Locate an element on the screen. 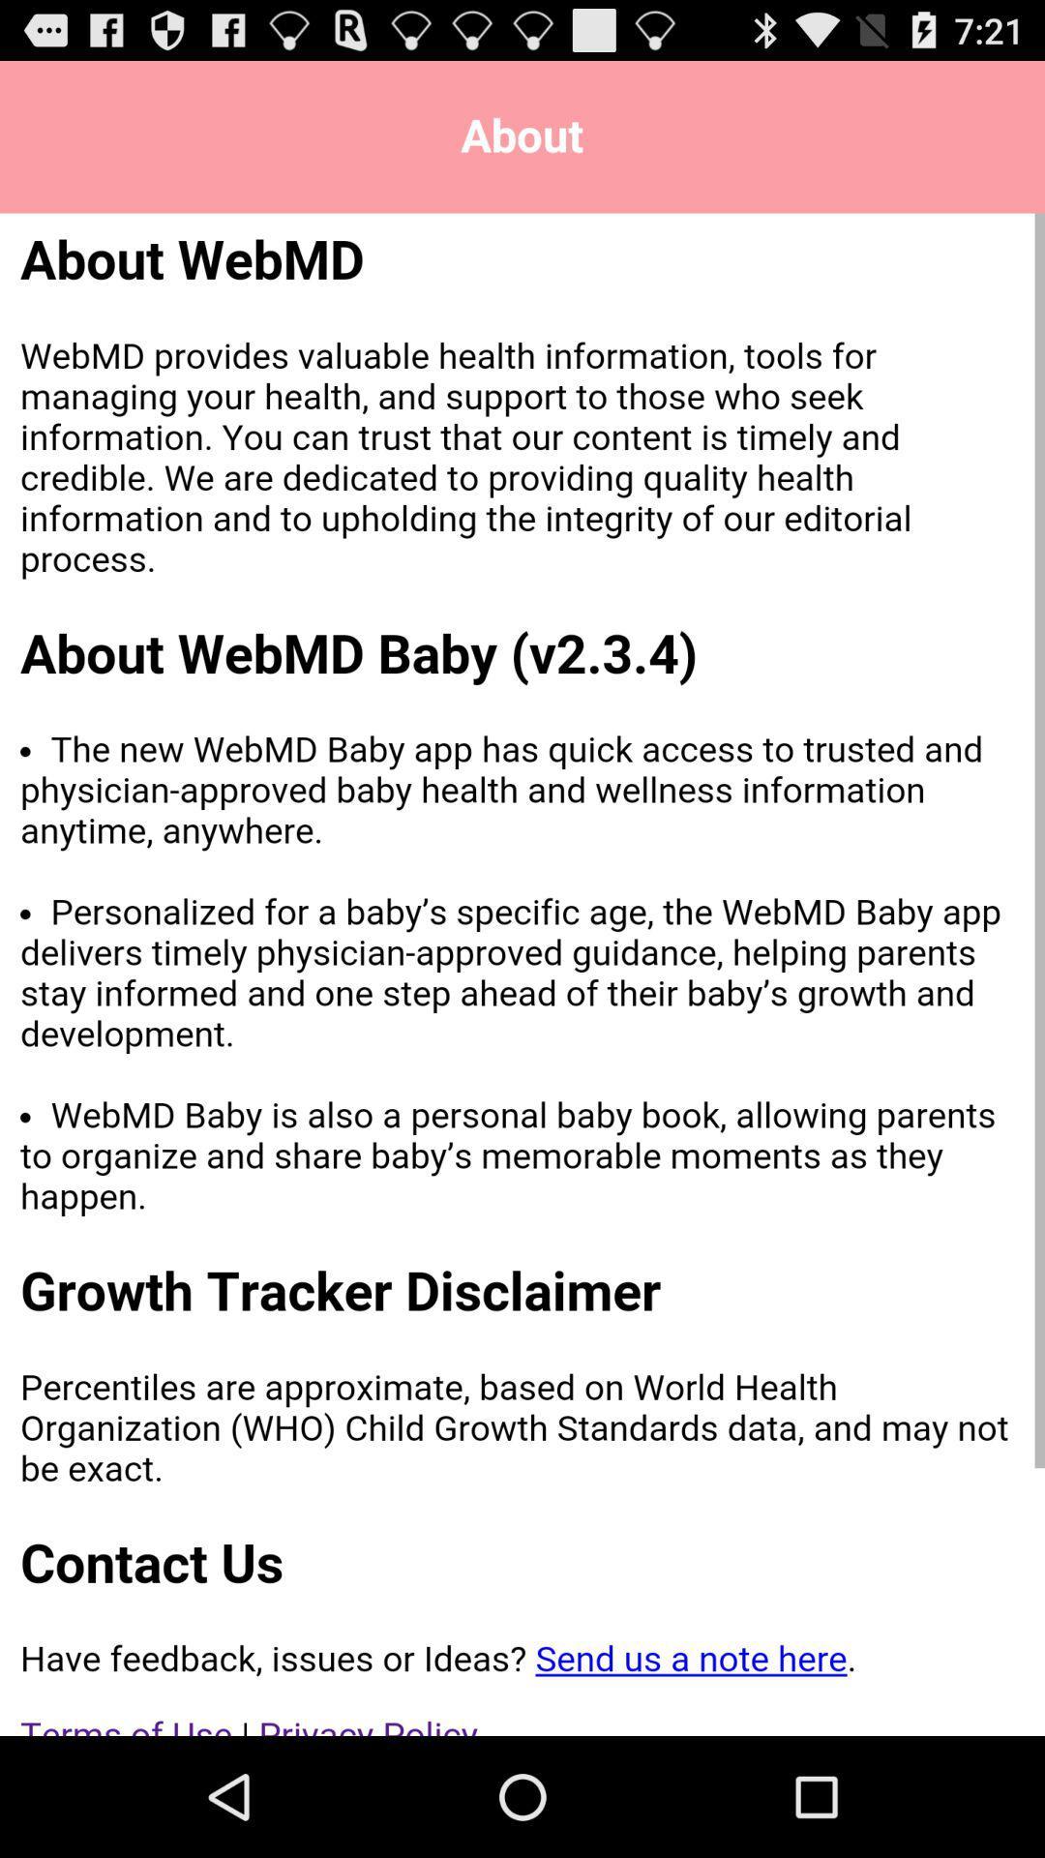 Image resolution: width=1045 pixels, height=1858 pixels. about and contact is located at coordinates (522, 974).